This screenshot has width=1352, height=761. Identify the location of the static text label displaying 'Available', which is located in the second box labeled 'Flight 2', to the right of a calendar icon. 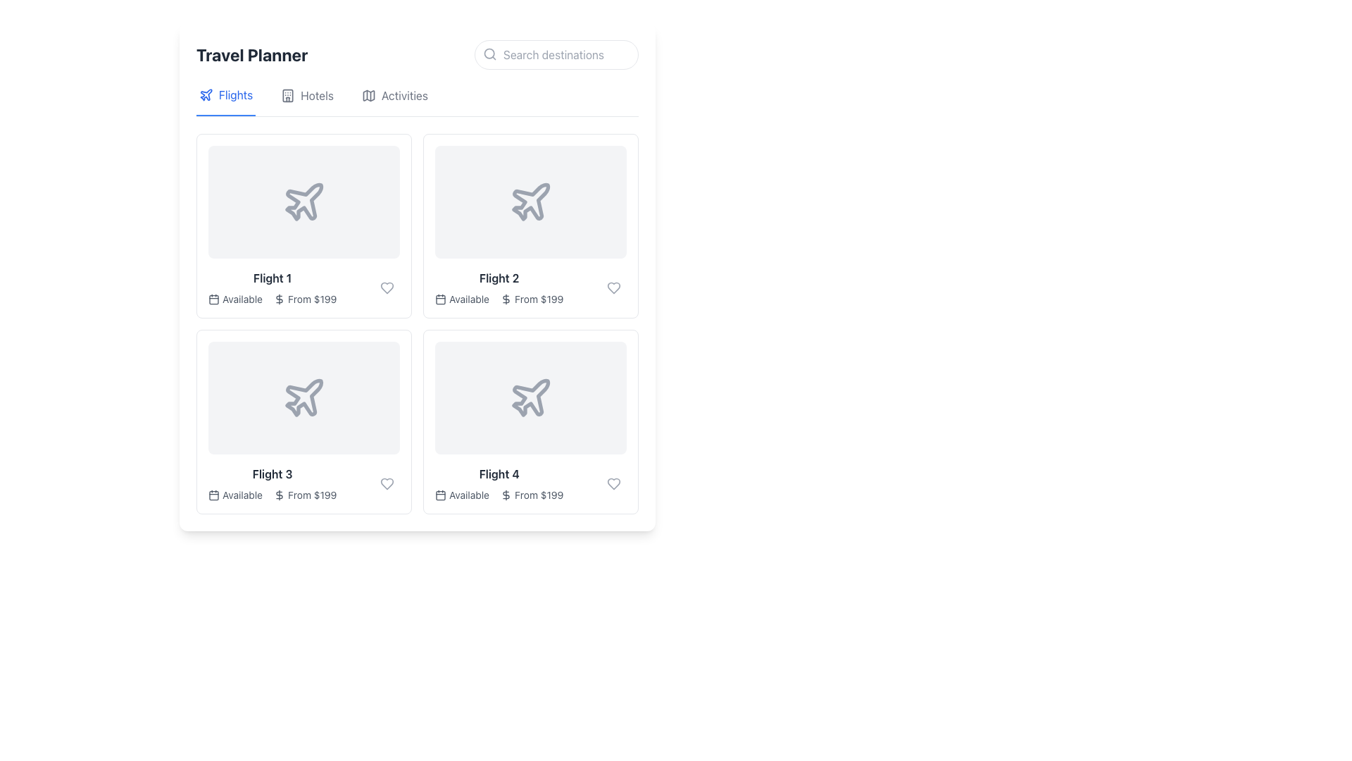
(469, 298).